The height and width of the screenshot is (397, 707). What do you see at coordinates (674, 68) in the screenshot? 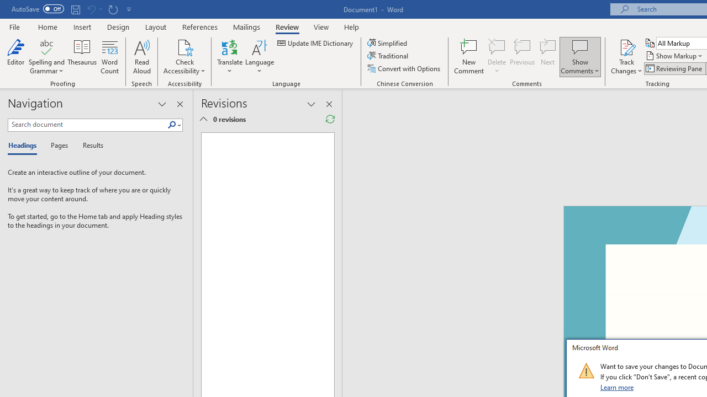
I see `'Reviewing Pane'` at bounding box center [674, 68].